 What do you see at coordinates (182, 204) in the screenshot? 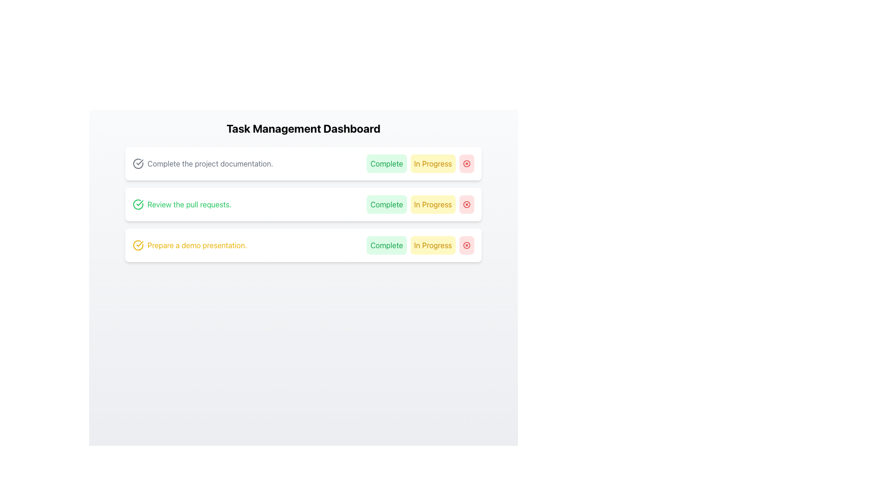
I see `the static text with a checkmark icon that indicates the task 'Review the pull requests', which is the second item in a list of three tasks` at bounding box center [182, 204].